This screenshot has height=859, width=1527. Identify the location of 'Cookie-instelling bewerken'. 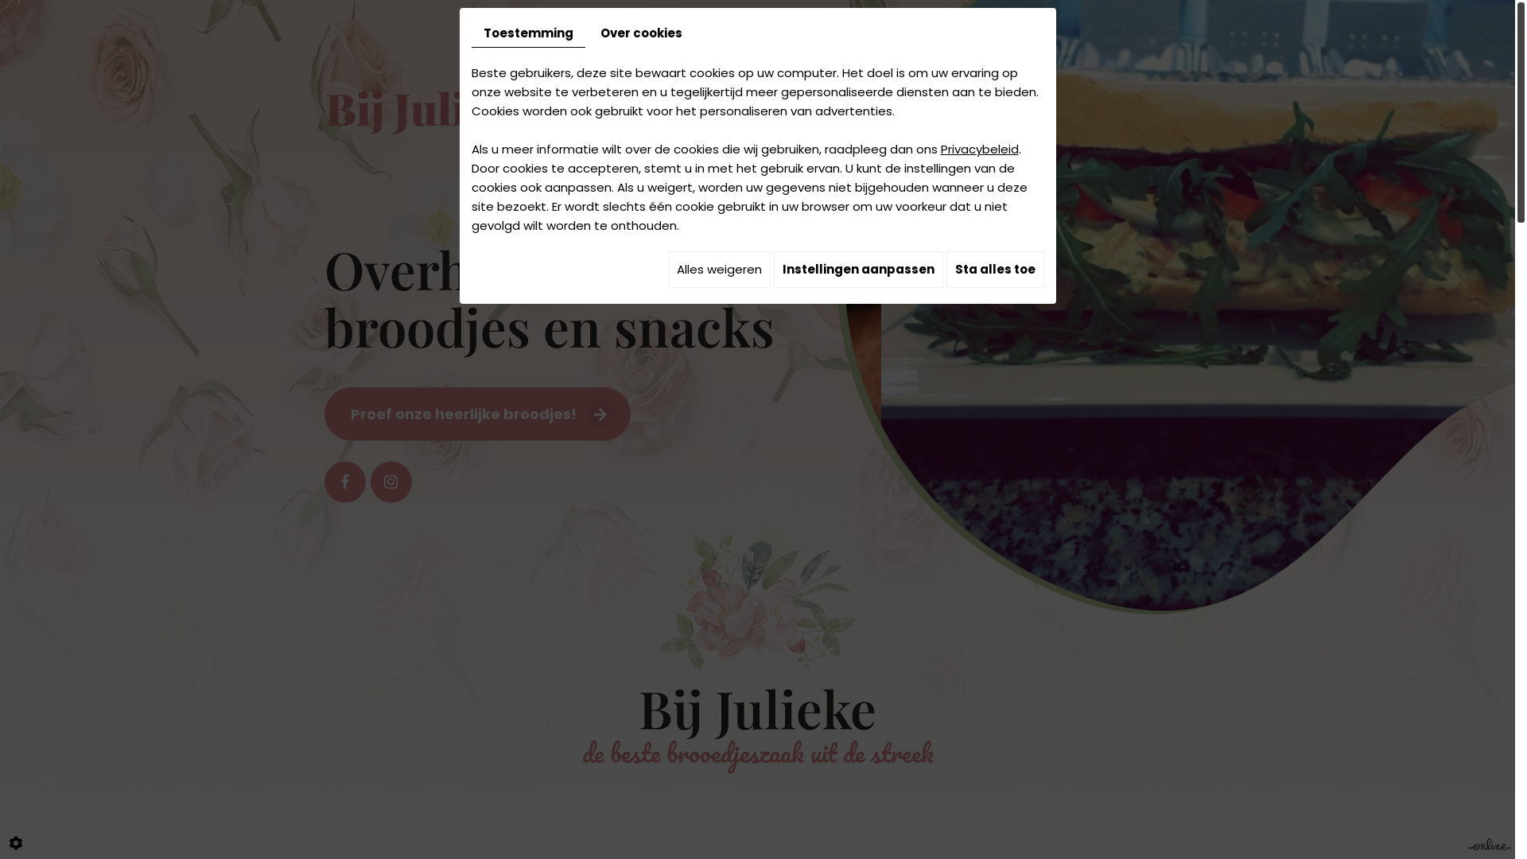
(3, 842).